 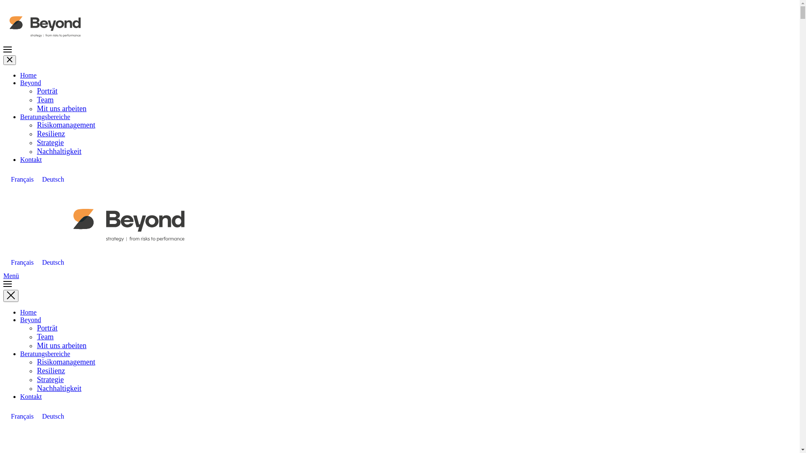 I want to click on 'Kontakt', so click(x=31, y=396).